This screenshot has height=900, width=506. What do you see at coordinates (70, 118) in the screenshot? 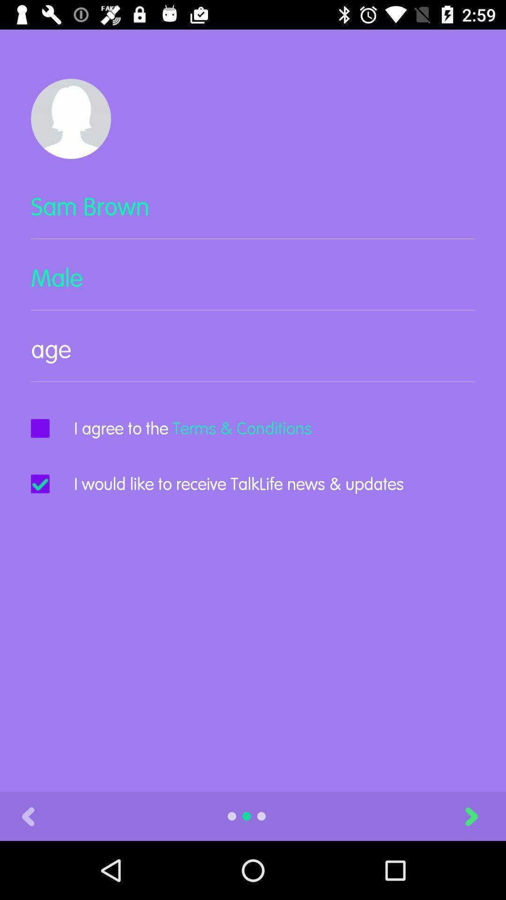
I see `the avatar icon` at bounding box center [70, 118].